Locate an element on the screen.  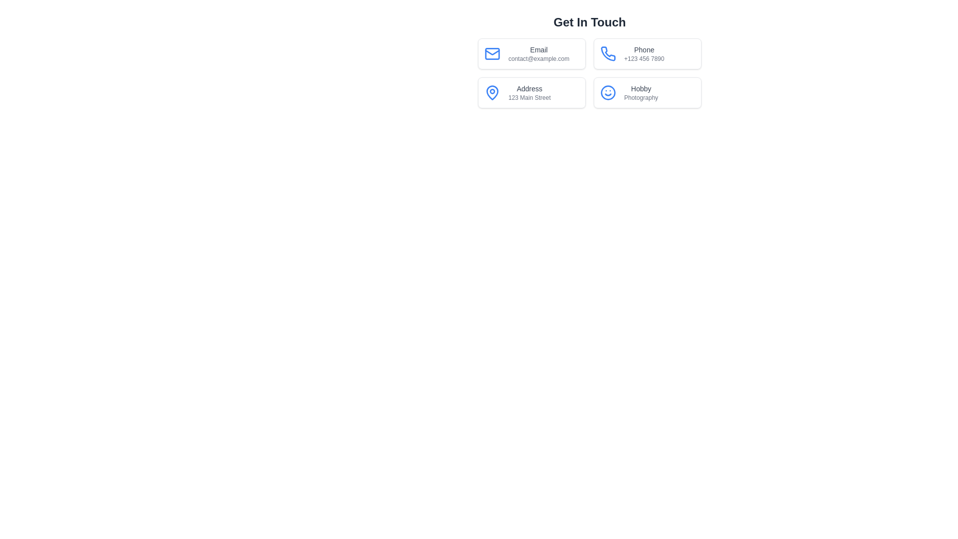
the card containing a blue smiley face icon on the left, with the text 'Hobby' and 'Photography' on the right, located in the bottom-right corner of the grid layout is located at coordinates (647, 92).